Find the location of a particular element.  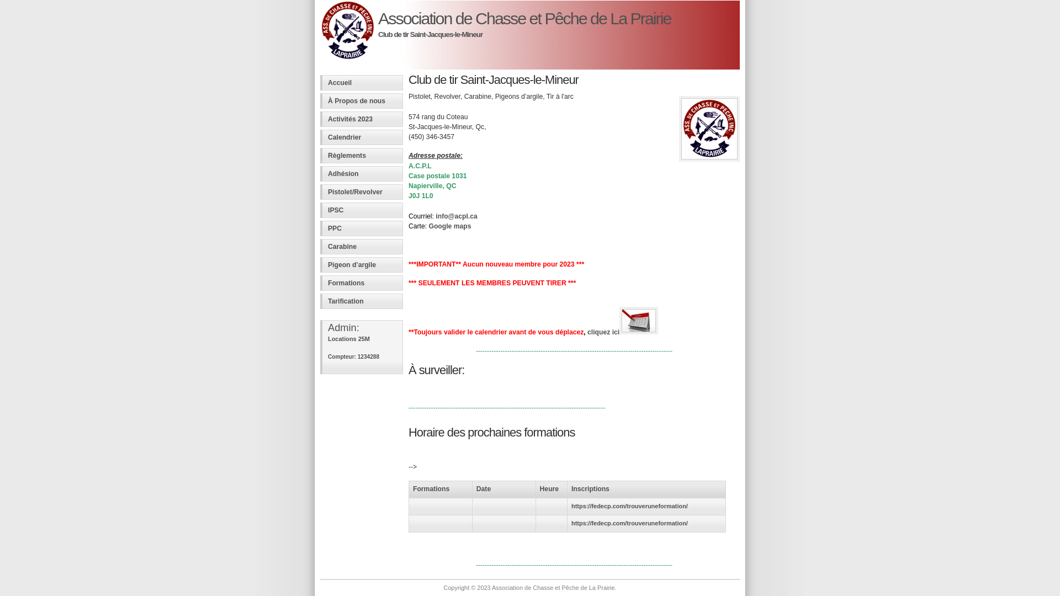

'cliquez ici' is located at coordinates (587, 331).